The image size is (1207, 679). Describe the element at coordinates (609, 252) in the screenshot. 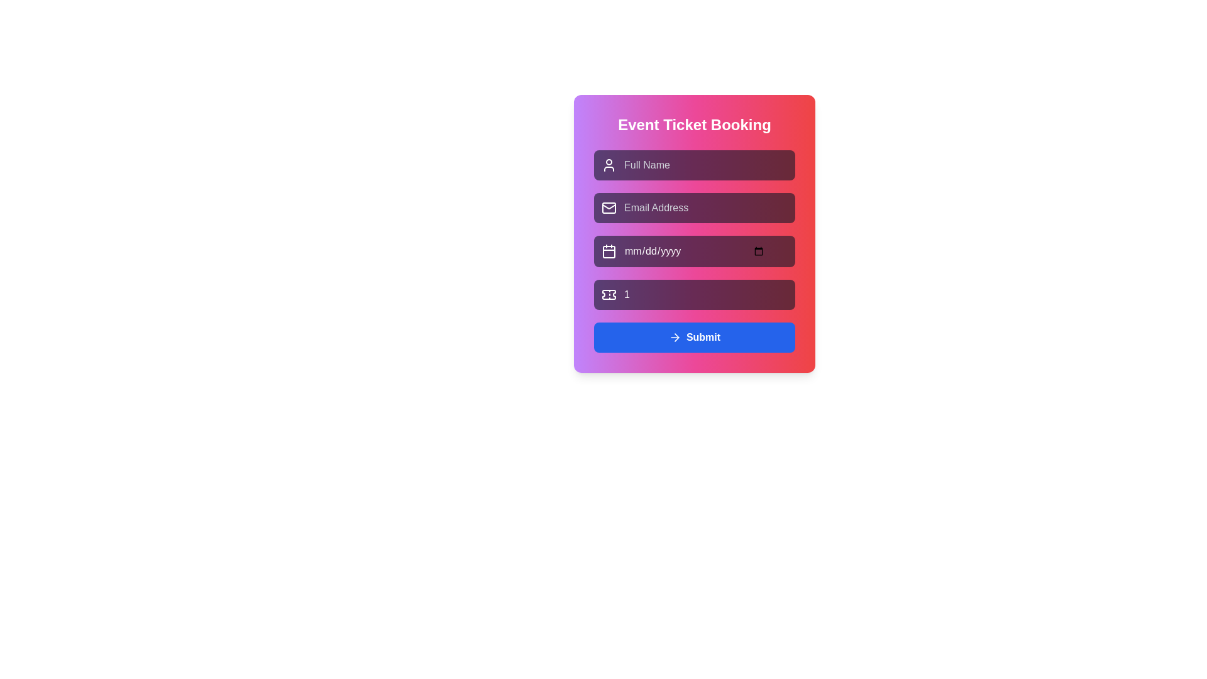

I see `the calendar icon located to the left of the date input box in the 'Event Ticket Booking' form` at that location.